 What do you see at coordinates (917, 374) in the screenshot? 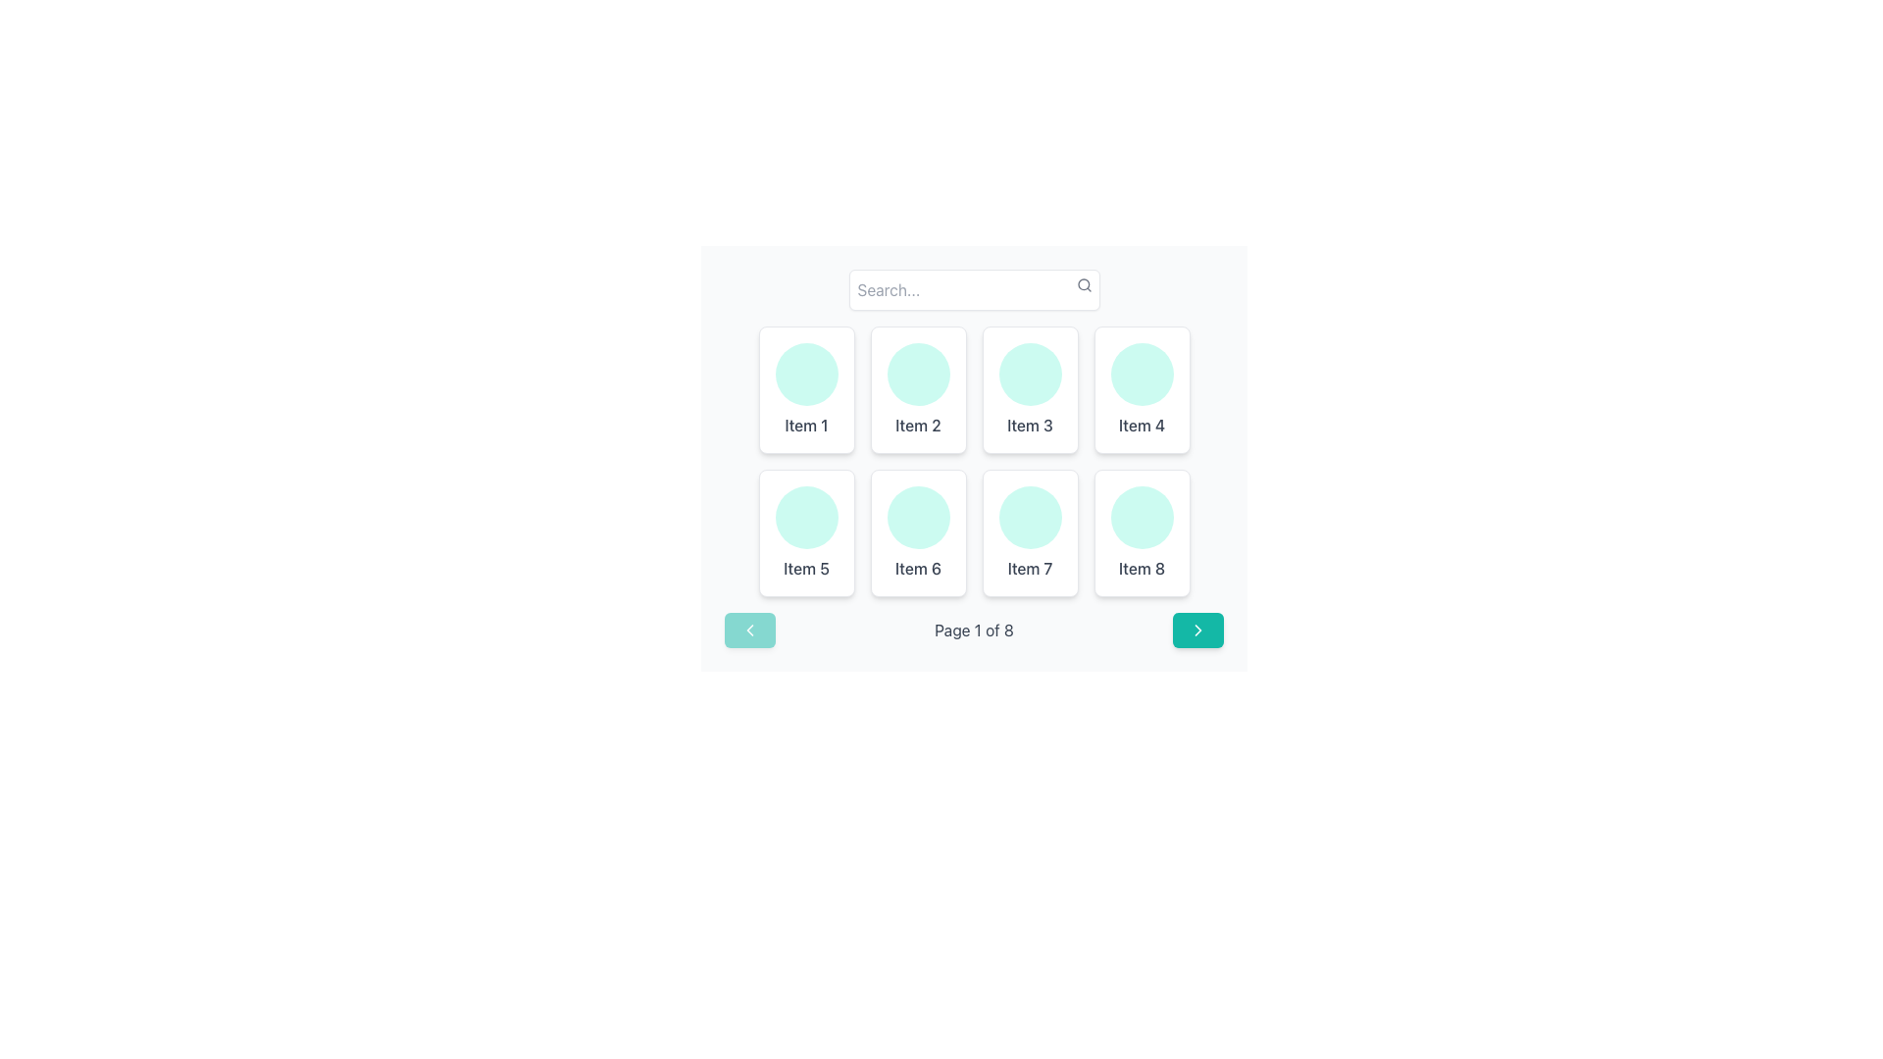
I see `the circular element with a teal background located centrally within the card labeled 'Item 2'` at bounding box center [917, 374].